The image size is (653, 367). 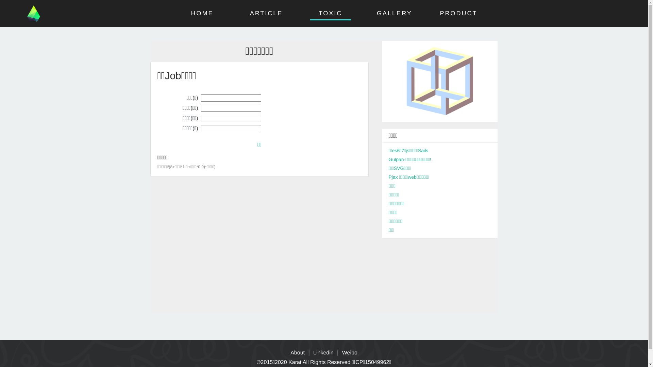 What do you see at coordinates (313, 352) in the screenshot?
I see `'Linkedin'` at bounding box center [313, 352].